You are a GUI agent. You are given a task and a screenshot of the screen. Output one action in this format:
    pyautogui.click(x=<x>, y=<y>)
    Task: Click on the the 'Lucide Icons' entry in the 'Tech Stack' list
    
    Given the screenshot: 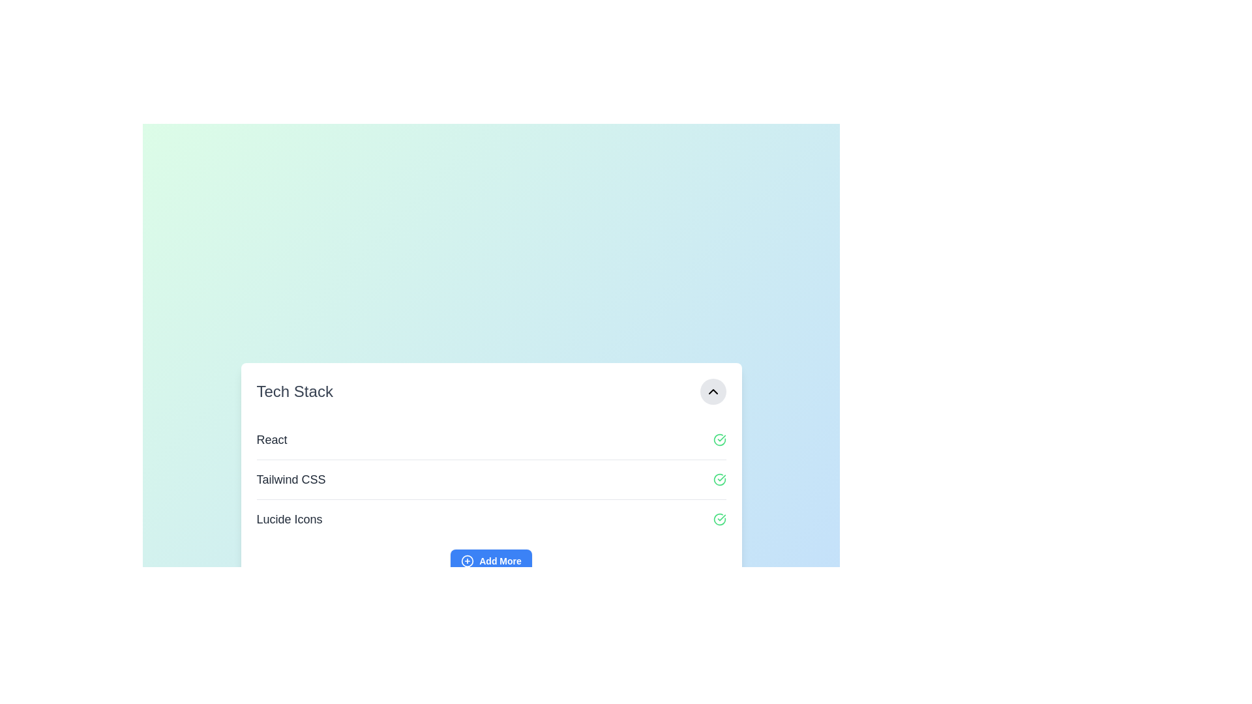 What is the action you would take?
    pyautogui.click(x=490, y=518)
    